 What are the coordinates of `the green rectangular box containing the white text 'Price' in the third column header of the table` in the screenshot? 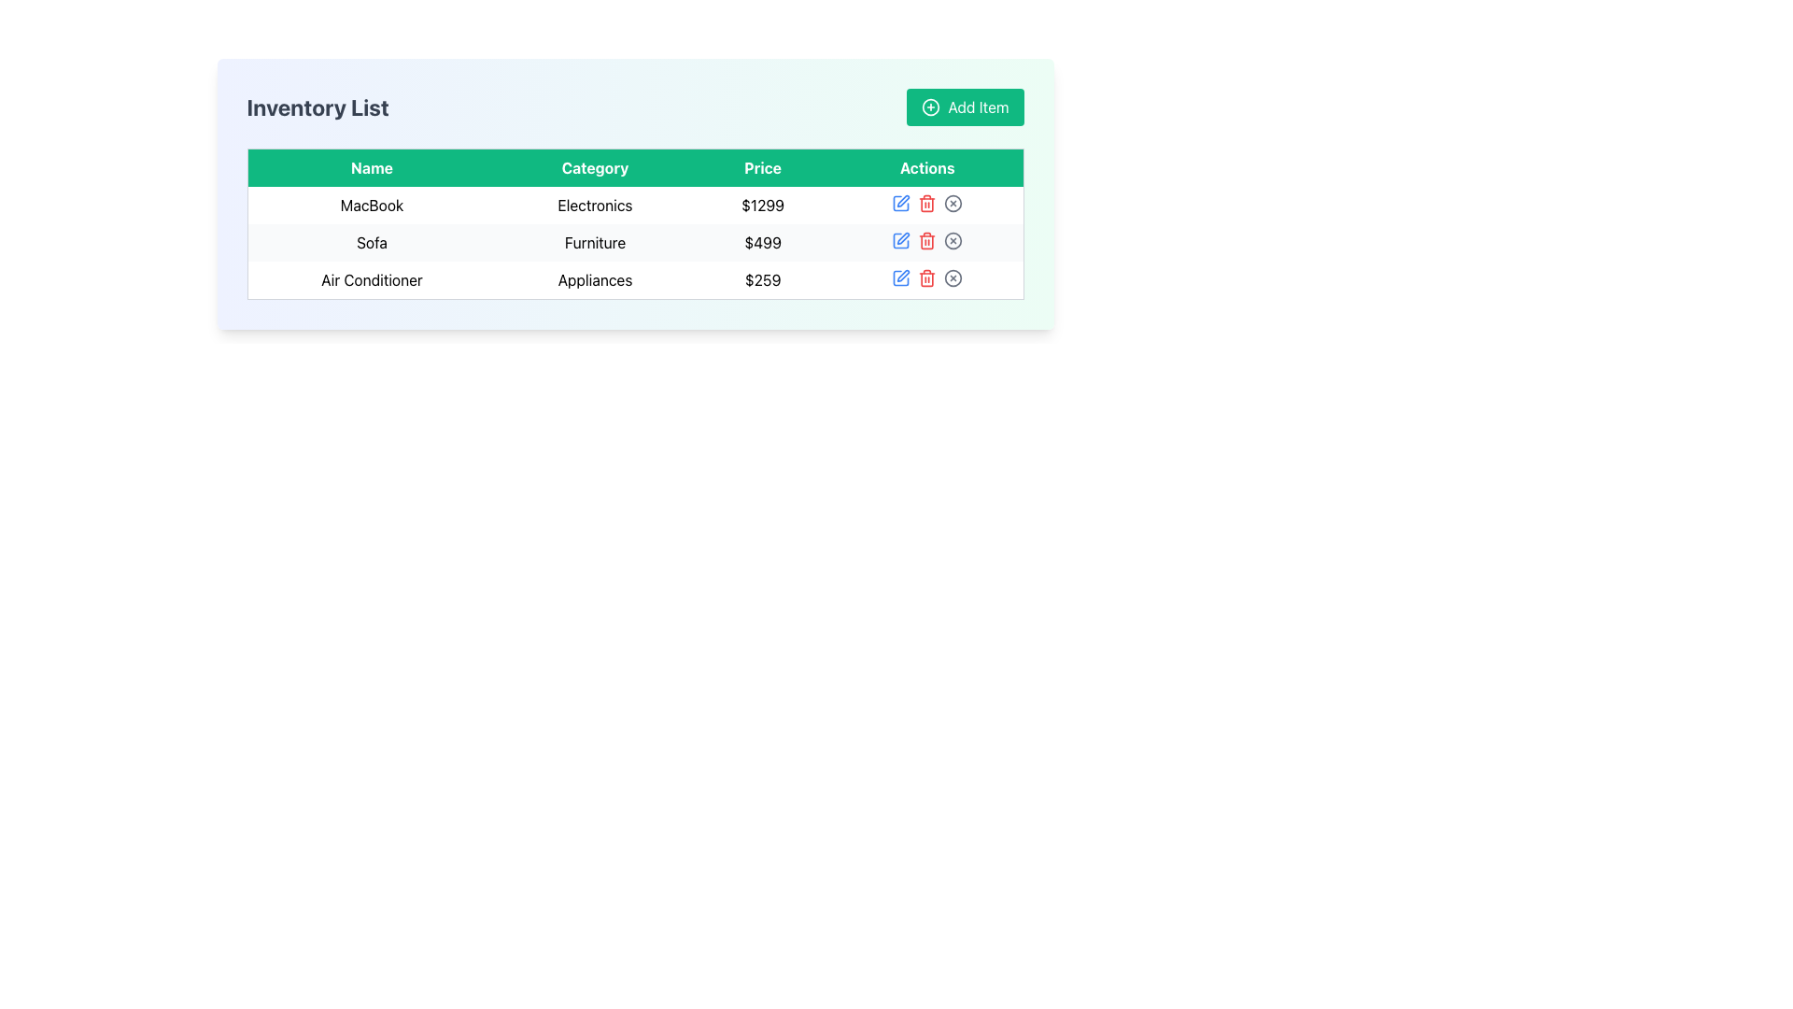 It's located at (763, 166).